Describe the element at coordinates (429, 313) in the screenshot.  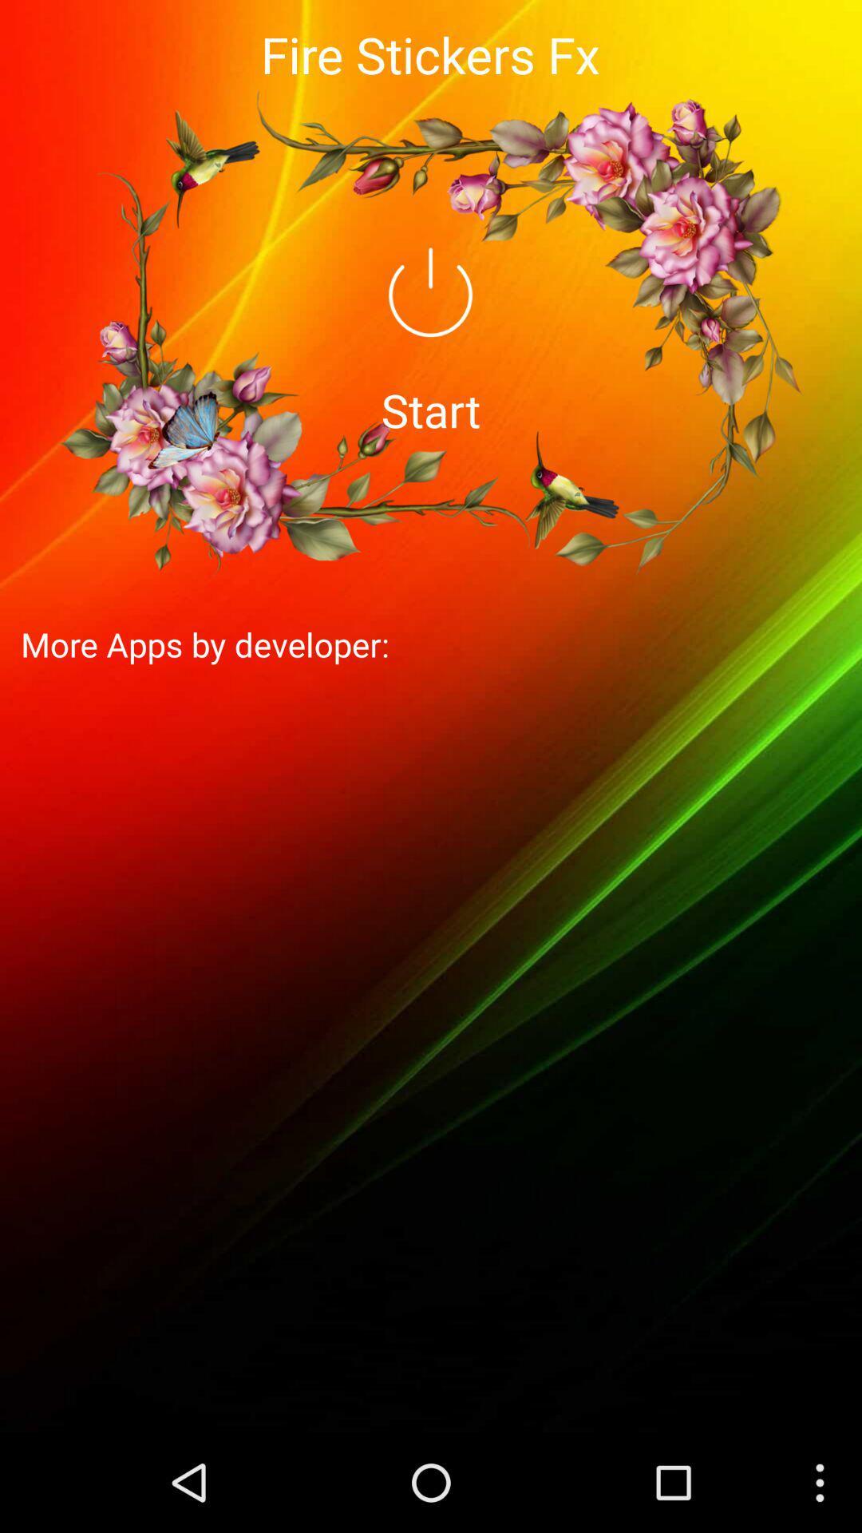
I see `the power icon` at that location.